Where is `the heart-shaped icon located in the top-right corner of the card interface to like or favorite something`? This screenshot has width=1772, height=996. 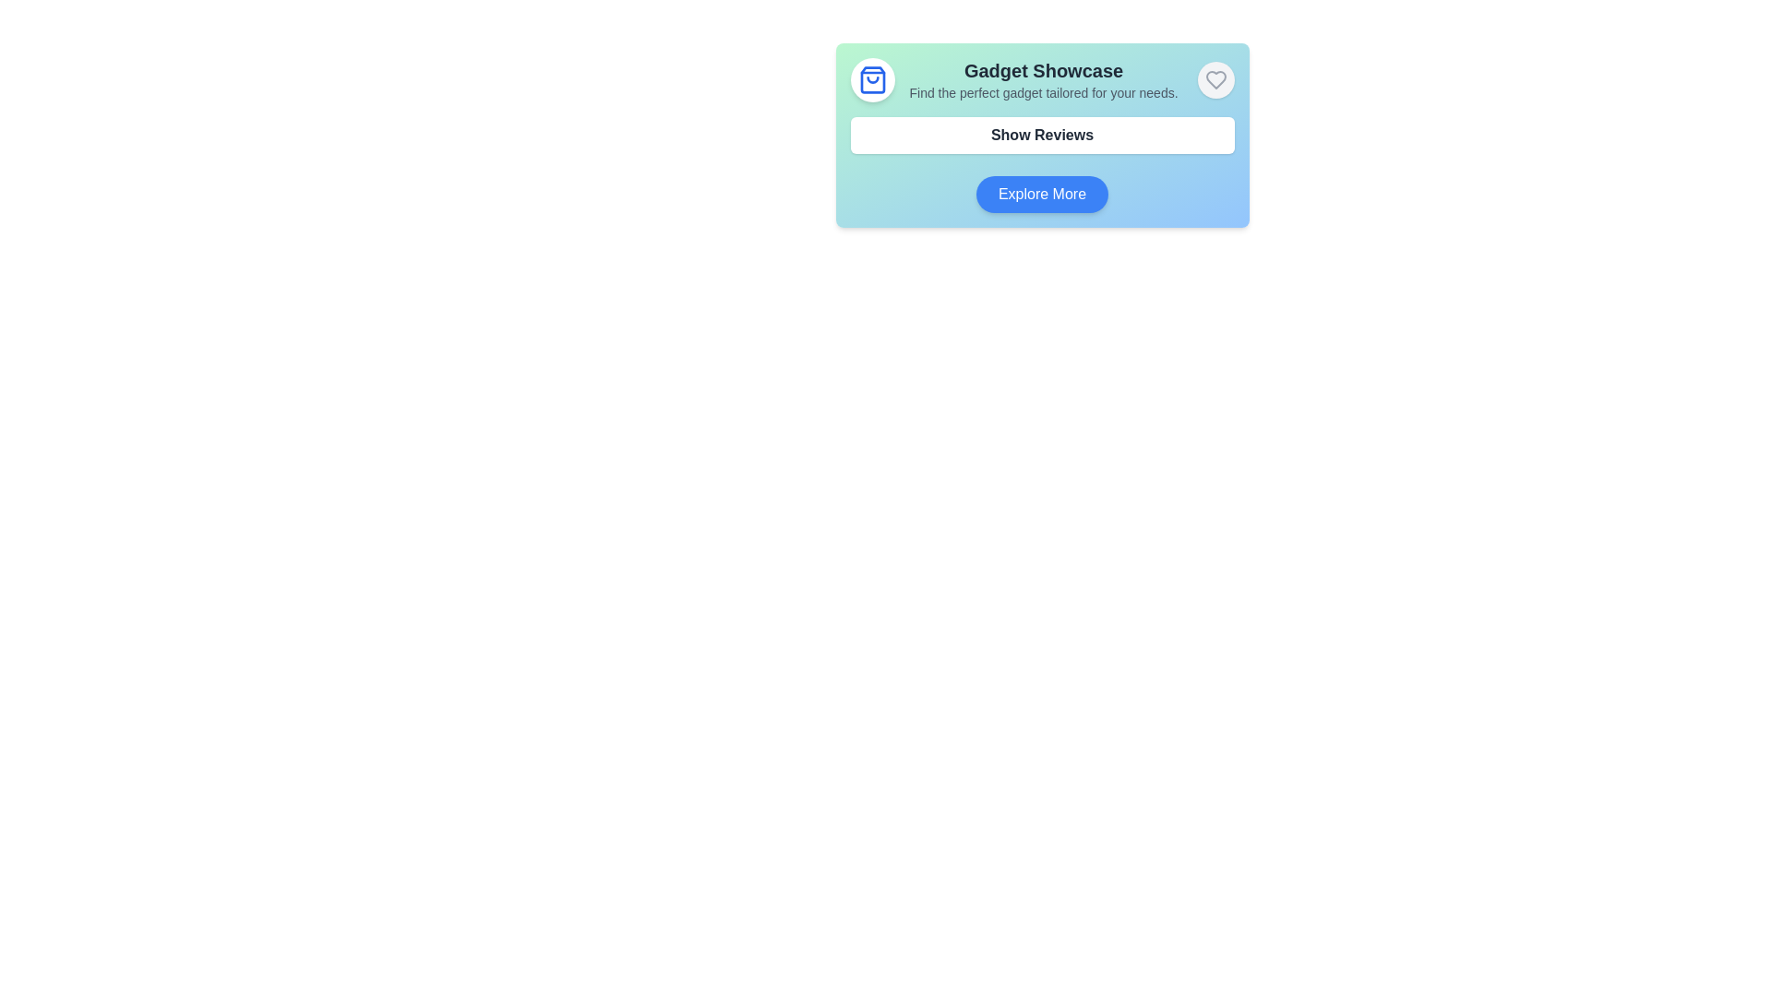
the heart-shaped icon located in the top-right corner of the card interface to like or favorite something is located at coordinates (1215, 79).